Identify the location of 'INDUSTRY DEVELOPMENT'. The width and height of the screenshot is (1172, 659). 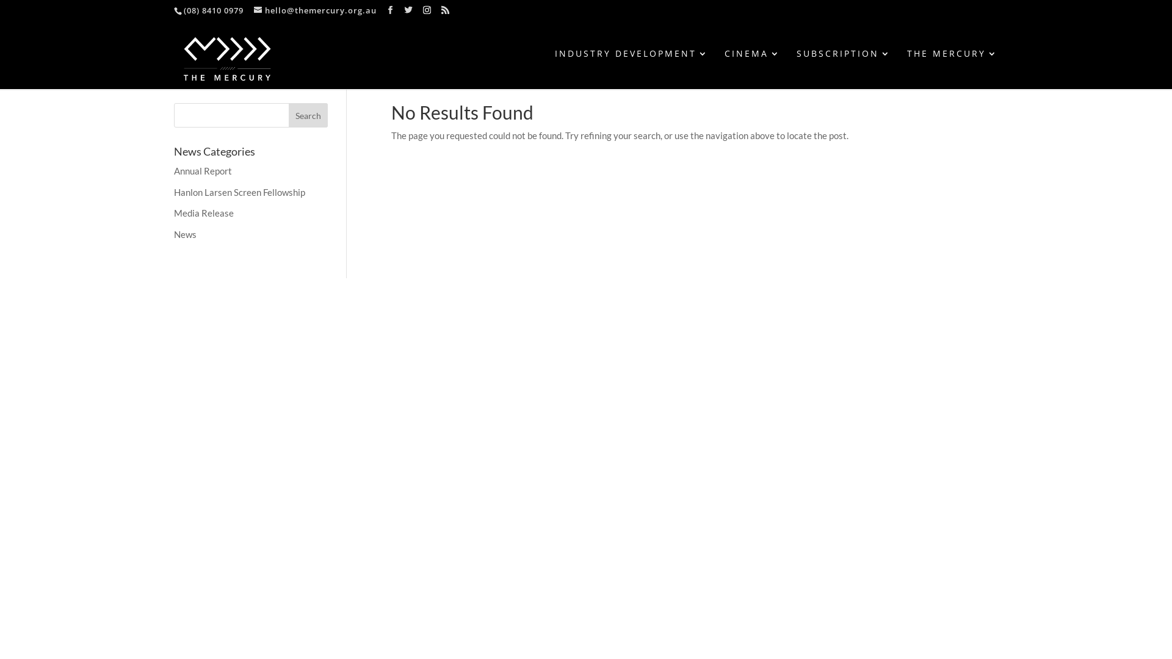
(554, 69).